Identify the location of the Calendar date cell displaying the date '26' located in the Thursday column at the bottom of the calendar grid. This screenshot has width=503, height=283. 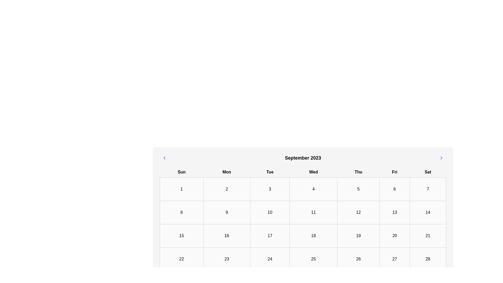
(358, 259).